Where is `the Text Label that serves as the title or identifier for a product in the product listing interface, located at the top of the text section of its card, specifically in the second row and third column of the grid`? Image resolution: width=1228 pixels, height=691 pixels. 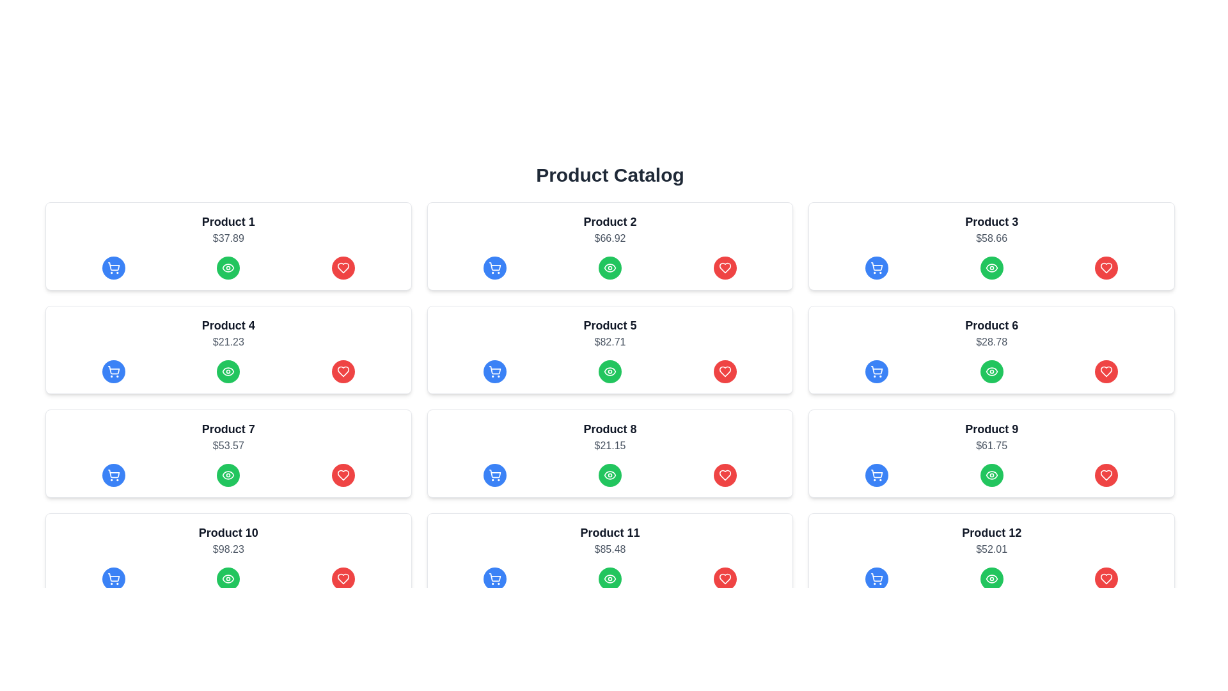
the Text Label that serves as the title or identifier for a product in the product listing interface, located at the top of the text section of its card, specifically in the second row and third column of the grid is located at coordinates (991, 325).